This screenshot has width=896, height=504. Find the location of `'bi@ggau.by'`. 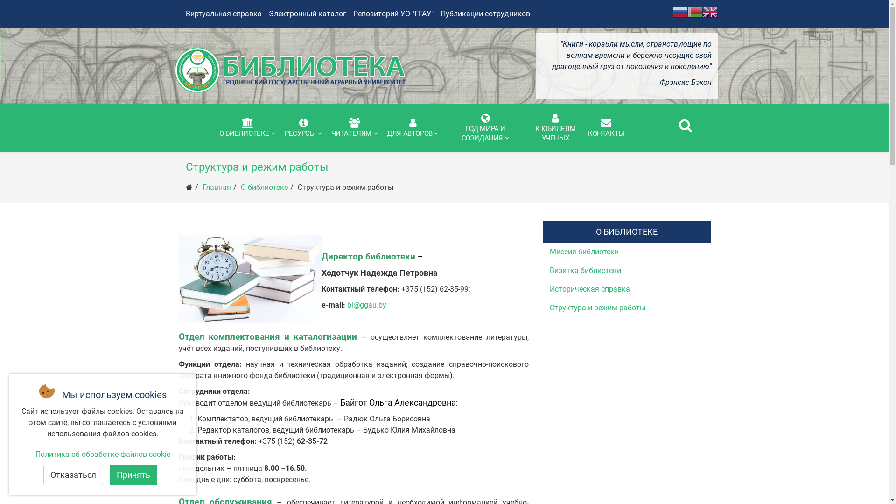

'bi@ggau.by' is located at coordinates (366, 305).